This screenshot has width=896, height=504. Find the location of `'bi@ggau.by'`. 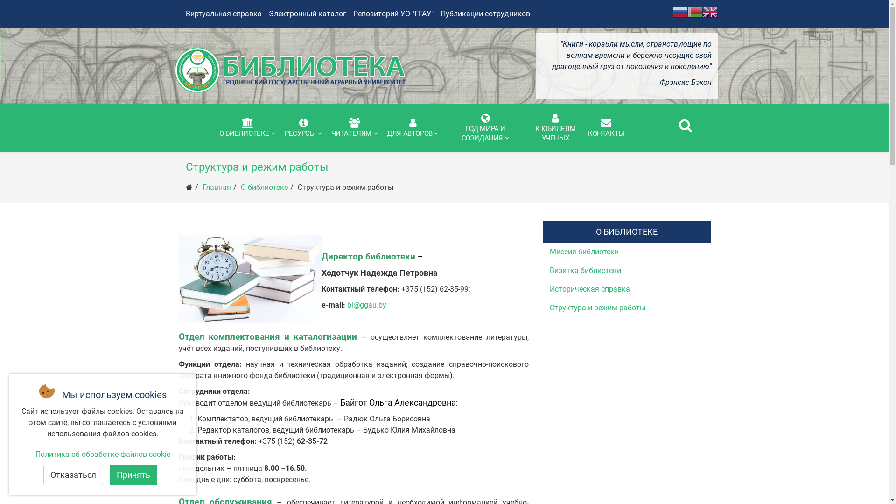

'bi@ggau.by' is located at coordinates (366, 305).